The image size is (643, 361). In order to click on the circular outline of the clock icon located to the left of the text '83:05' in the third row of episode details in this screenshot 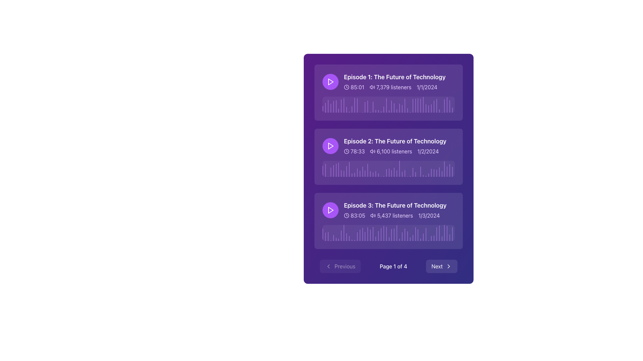, I will do `click(347, 215)`.